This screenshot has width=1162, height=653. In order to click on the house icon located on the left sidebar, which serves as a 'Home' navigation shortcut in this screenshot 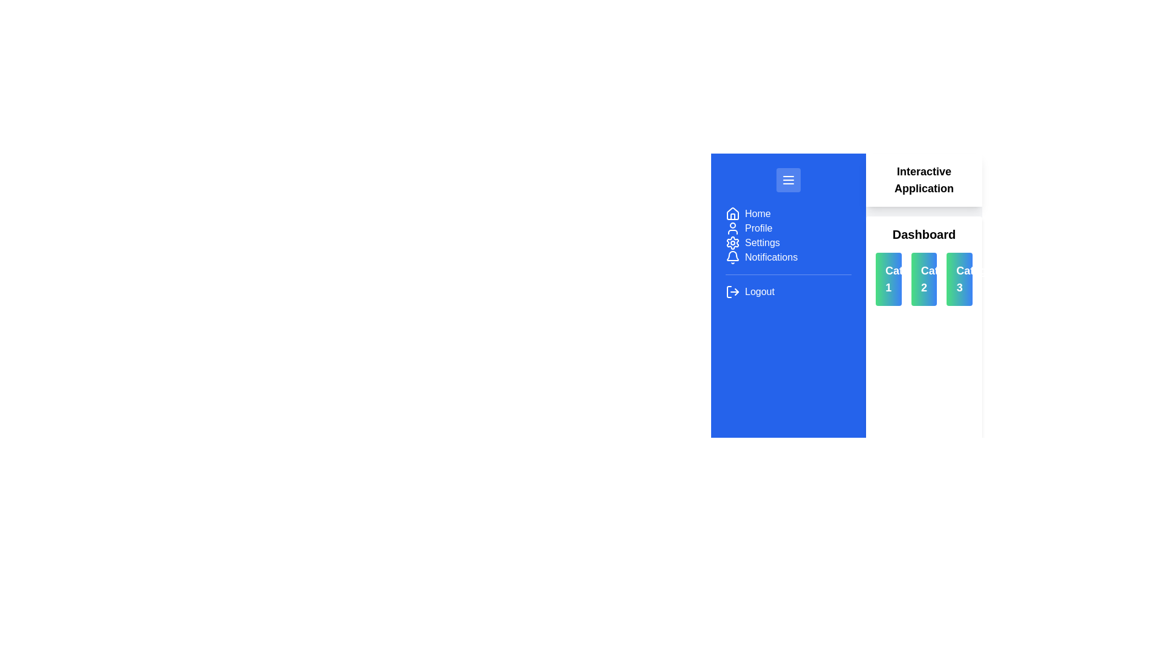, I will do `click(732, 216)`.